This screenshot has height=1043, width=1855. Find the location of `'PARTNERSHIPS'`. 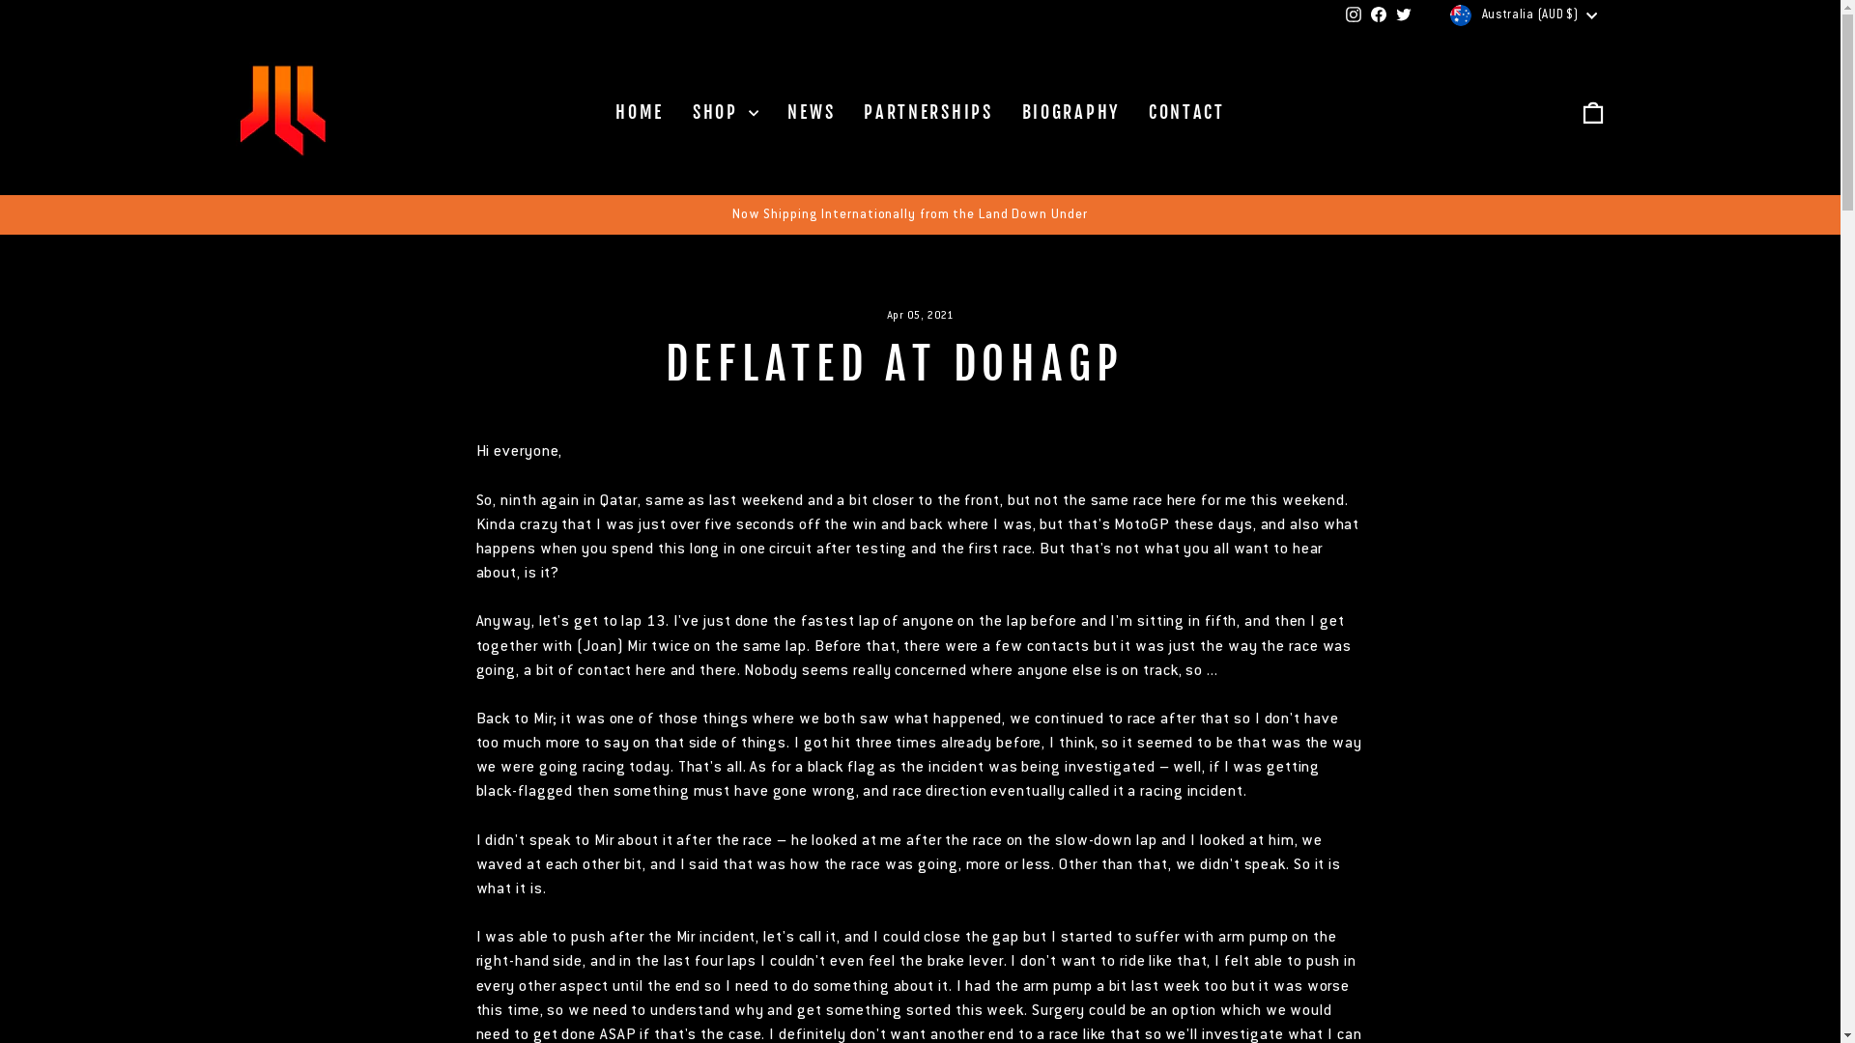

'PARTNERSHIPS' is located at coordinates (927, 113).